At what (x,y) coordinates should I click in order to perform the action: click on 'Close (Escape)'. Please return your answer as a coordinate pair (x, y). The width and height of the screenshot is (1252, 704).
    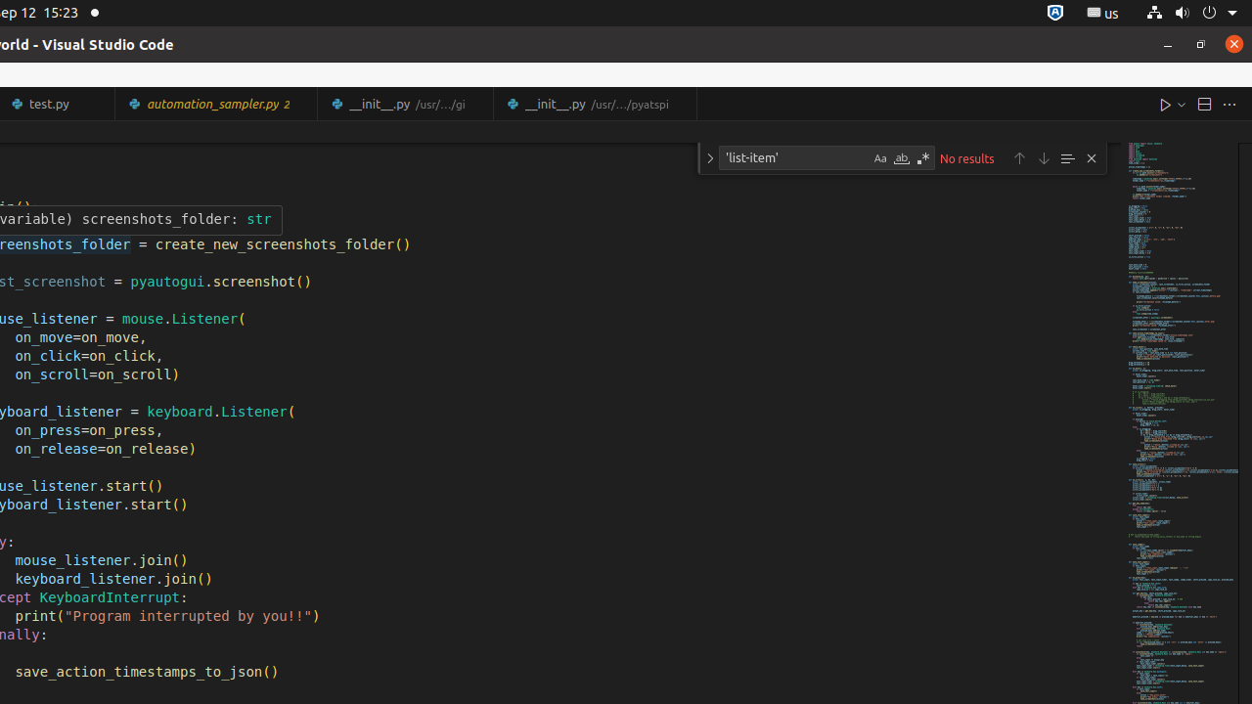
    Looking at the image, I should click on (1091, 157).